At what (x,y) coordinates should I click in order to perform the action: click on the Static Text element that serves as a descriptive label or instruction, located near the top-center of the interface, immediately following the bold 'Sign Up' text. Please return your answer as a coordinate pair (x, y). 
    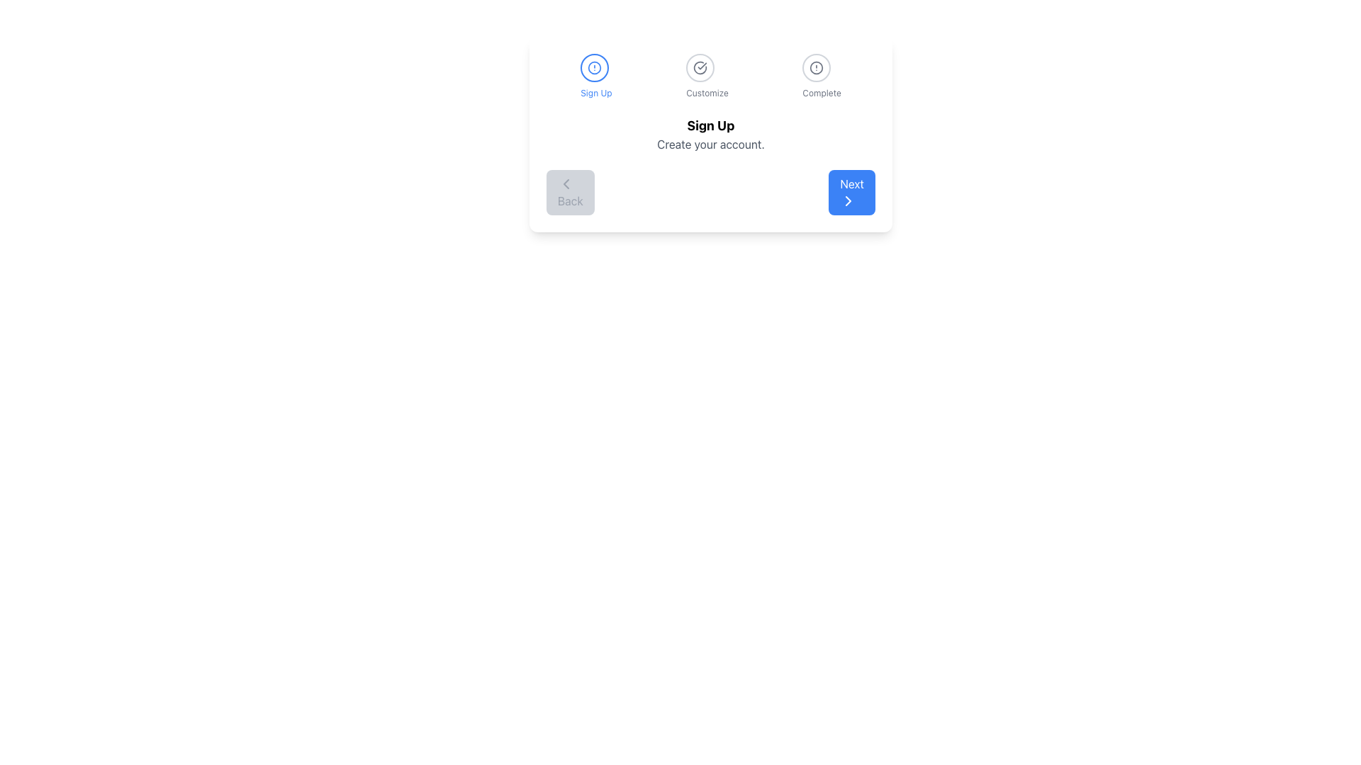
    Looking at the image, I should click on (711, 144).